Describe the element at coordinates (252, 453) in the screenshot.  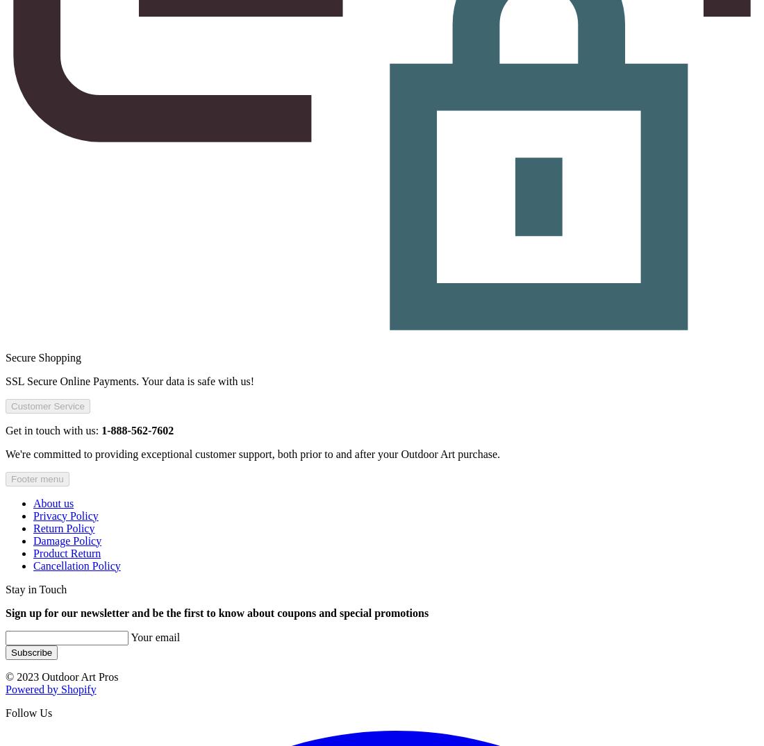
I see `'We're committed to providing exceptional customer support, both prior to and after your Outdoor Art purchase.'` at that location.